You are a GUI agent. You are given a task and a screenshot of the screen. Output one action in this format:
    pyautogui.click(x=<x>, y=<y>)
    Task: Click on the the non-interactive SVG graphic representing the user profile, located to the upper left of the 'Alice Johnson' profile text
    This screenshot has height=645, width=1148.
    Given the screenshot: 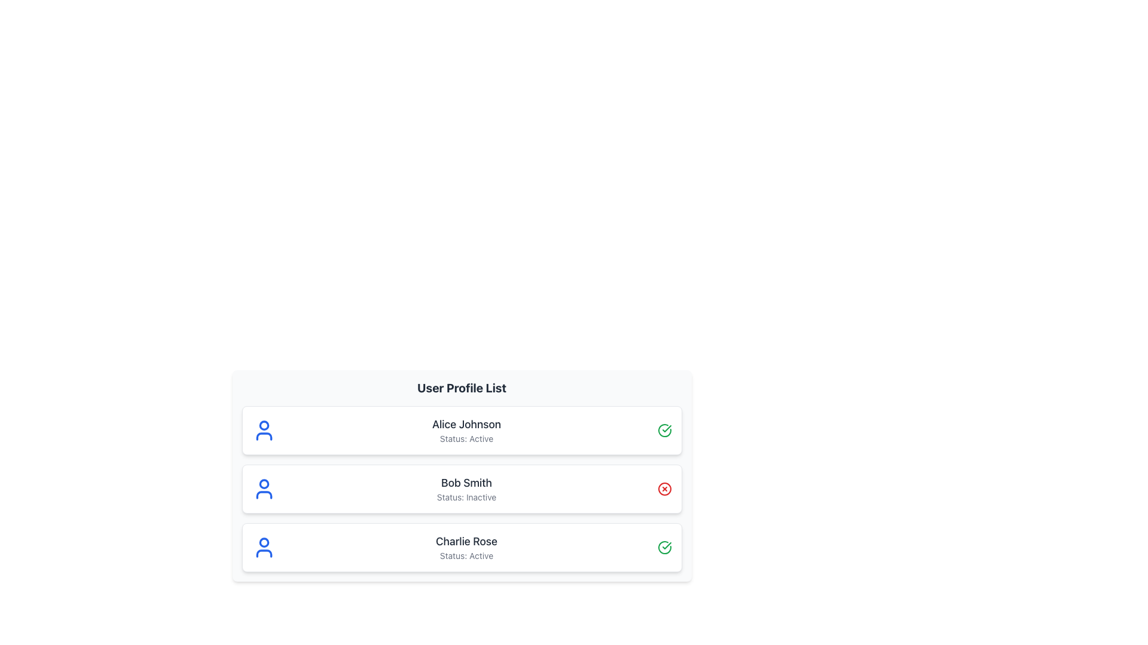 What is the action you would take?
    pyautogui.click(x=263, y=437)
    